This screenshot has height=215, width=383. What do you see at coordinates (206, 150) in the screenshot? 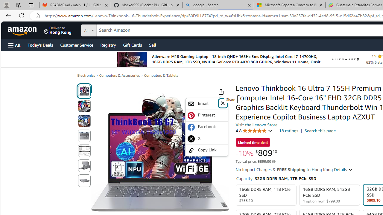
I see `'Copy Link'` at bounding box center [206, 150].